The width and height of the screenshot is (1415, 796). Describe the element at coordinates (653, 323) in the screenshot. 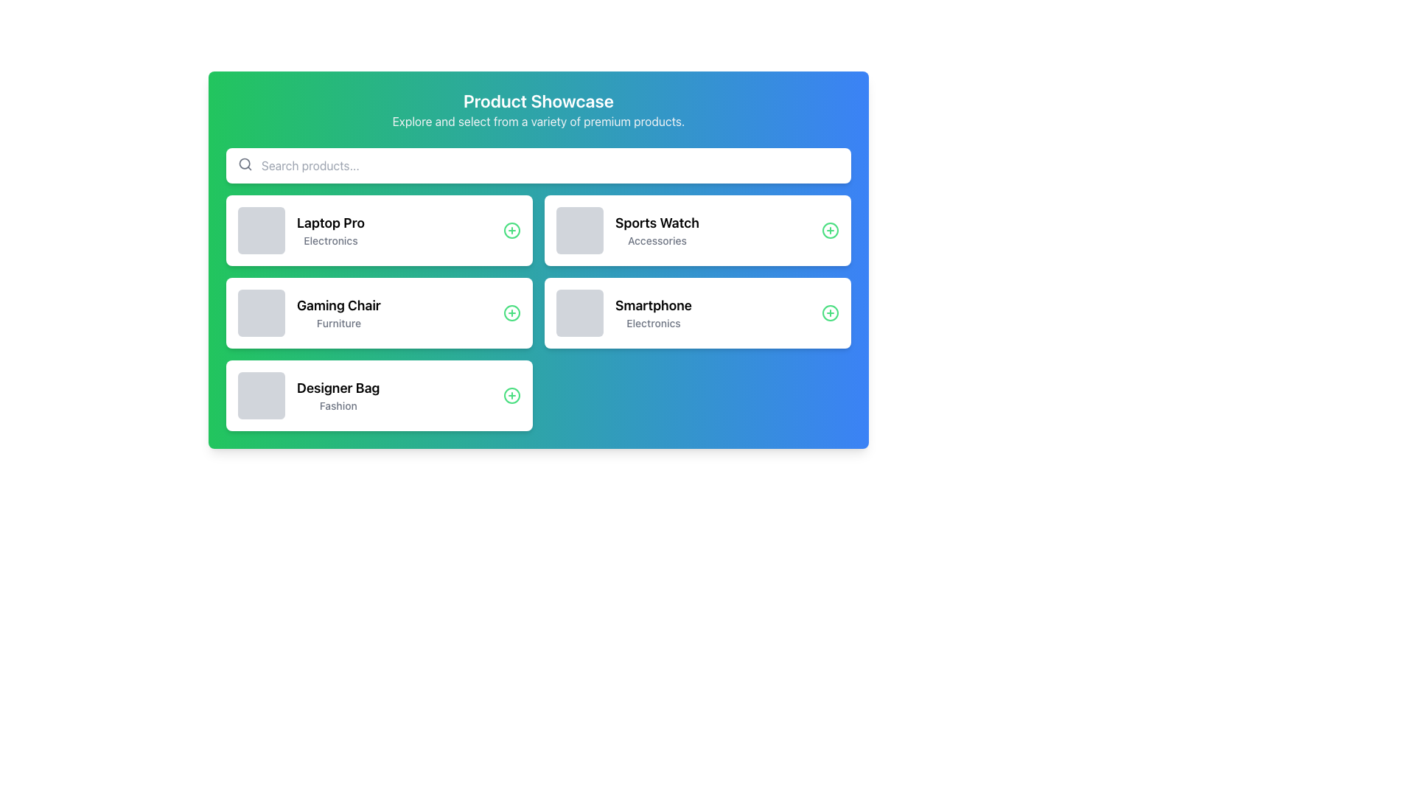

I see `the 'Electronics' text label, which is displayed in a small, medium-weight gray font and positioned below the bold 'Smartphone' title on the right side of the interface` at that location.